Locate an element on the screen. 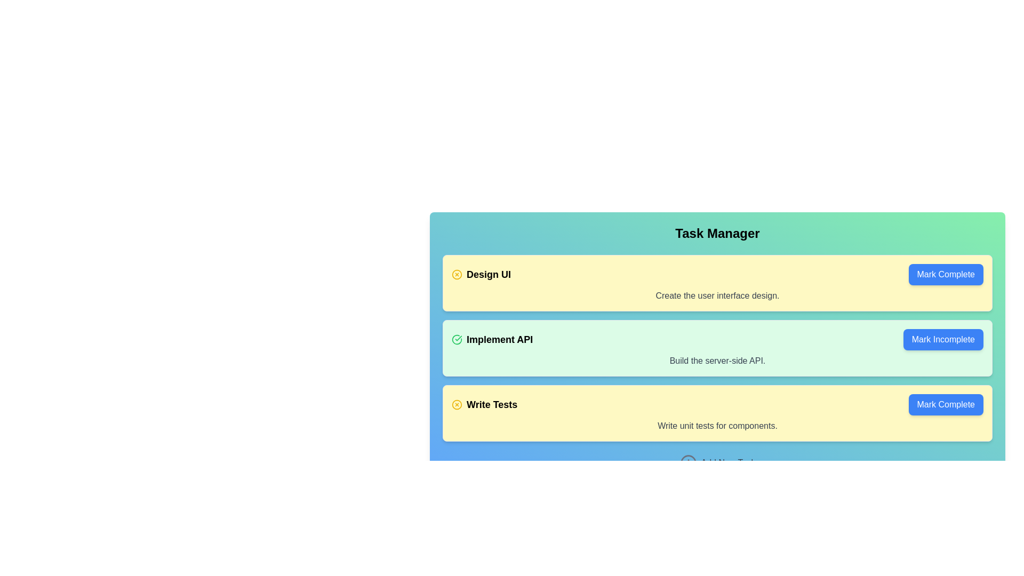  the 'Mark Complete' button with a blue background and white text, located in the task row titled 'Design UI' in the Task Manager interface is located at coordinates (946, 274).